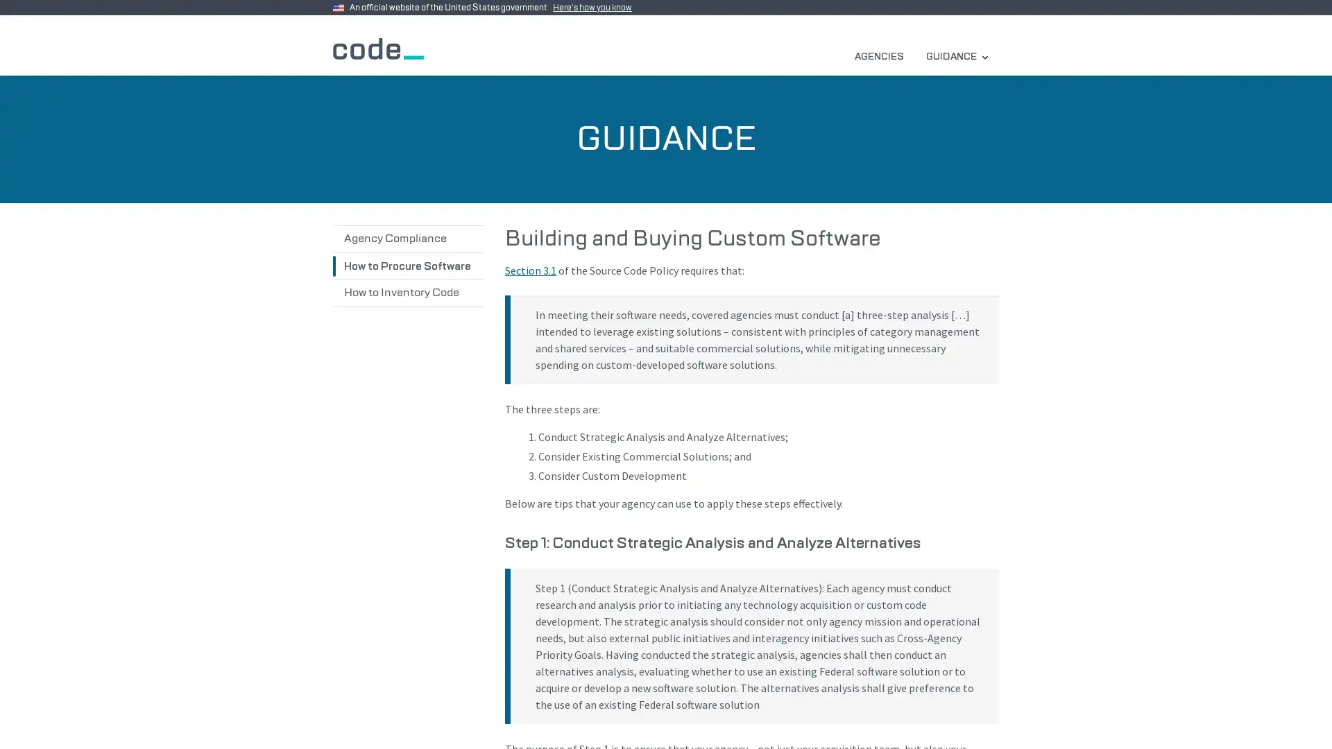 This screenshot has width=1332, height=749. What do you see at coordinates (956, 55) in the screenshot?
I see `GUIDANCE` at bounding box center [956, 55].